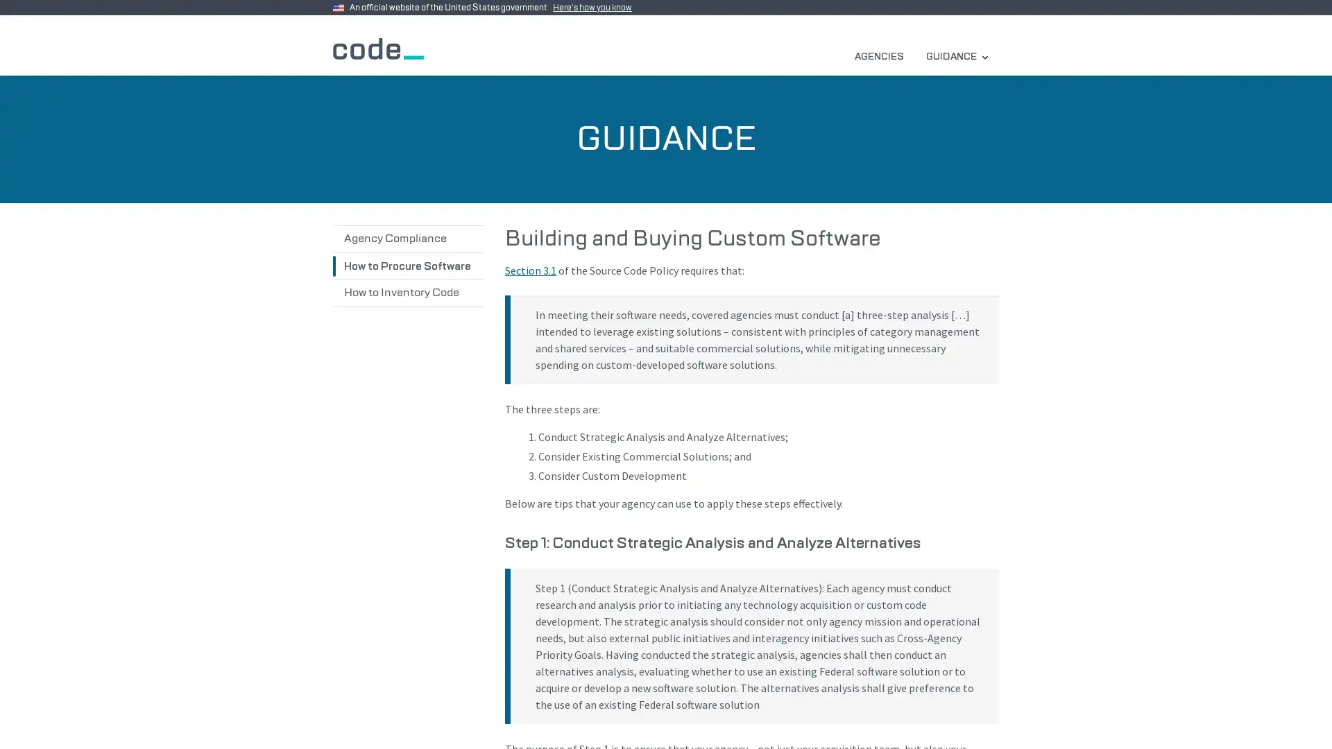 This screenshot has width=1332, height=749. What do you see at coordinates (956, 55) in the screenshot?
I see `GUIDANCE` at bounding box center [956, 55].